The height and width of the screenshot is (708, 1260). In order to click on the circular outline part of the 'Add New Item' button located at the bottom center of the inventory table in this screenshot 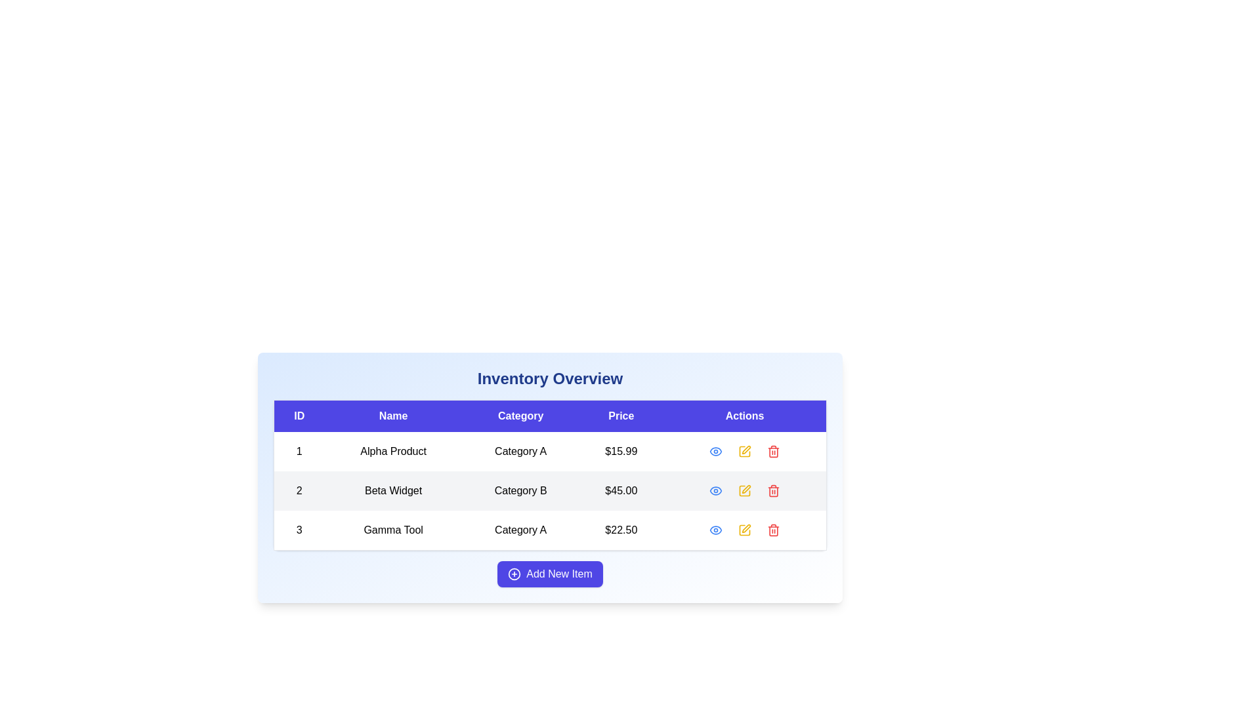, I will do `click(514, 573)`.